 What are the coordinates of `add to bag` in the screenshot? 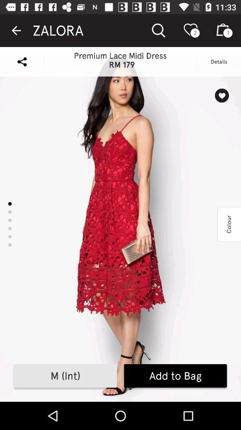 It's located at (175, 376).